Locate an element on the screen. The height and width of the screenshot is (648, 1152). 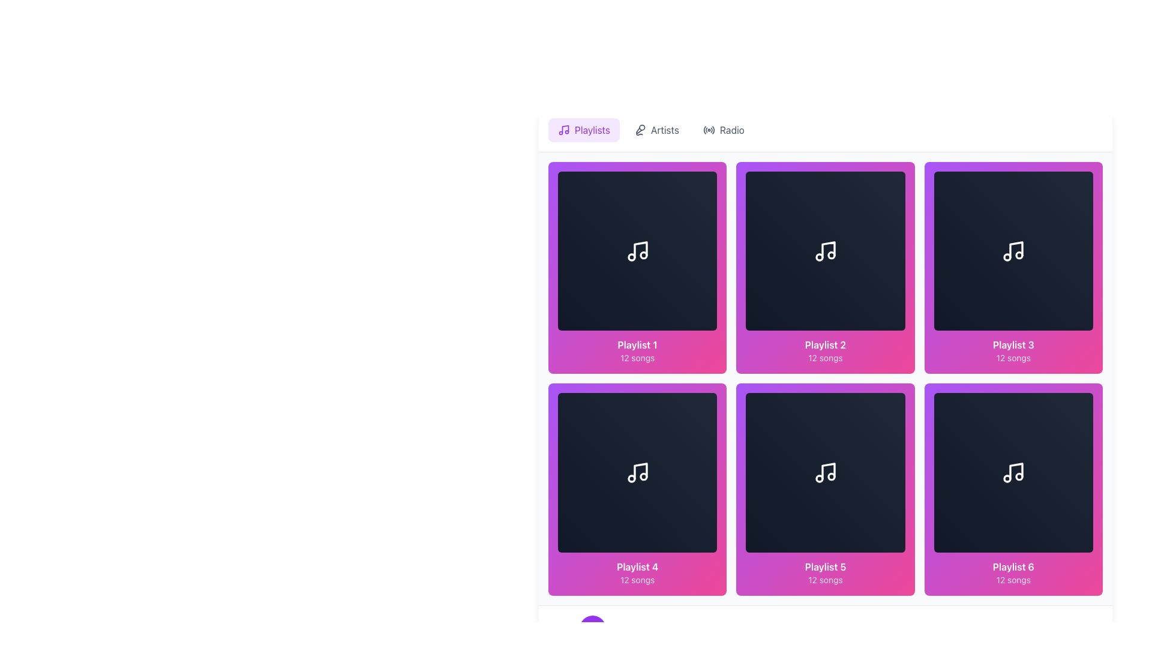
Text label displaying the number of songs available in the 'Playlist 1' card, located at the bottom of the card in a grid layout is located at coordinates (637, 358).